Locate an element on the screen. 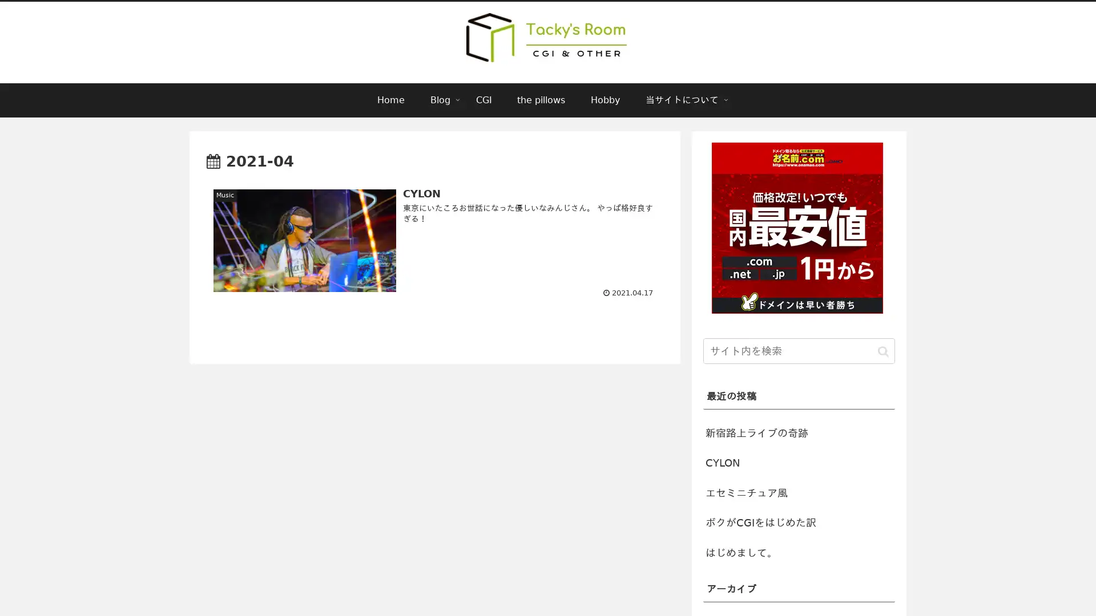 The image size is (1096, 616). button is located at coordinates (883, 350).